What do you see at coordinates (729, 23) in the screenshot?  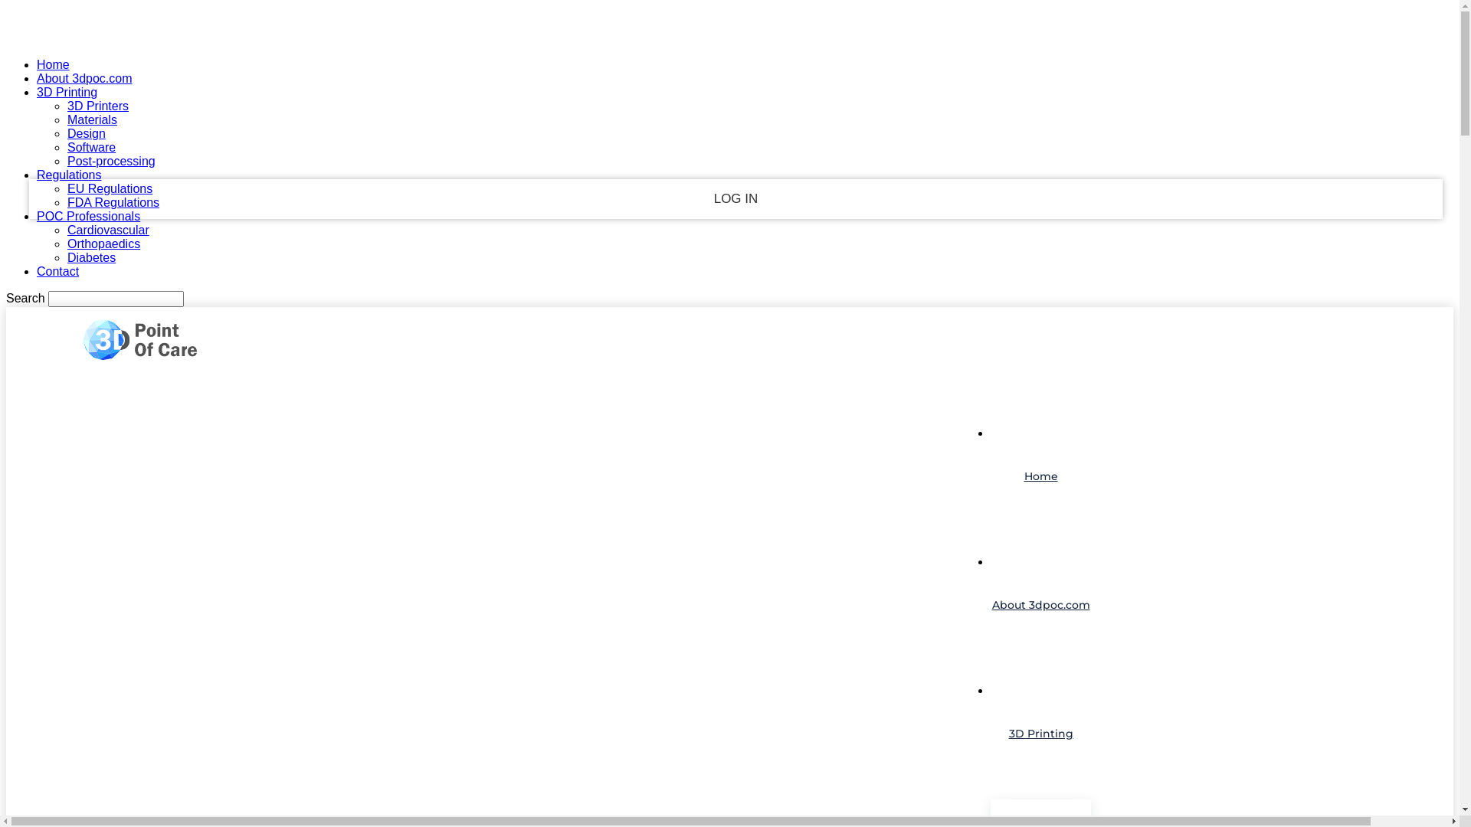 I see `'Sign in'` at bounding box center [729, 23].